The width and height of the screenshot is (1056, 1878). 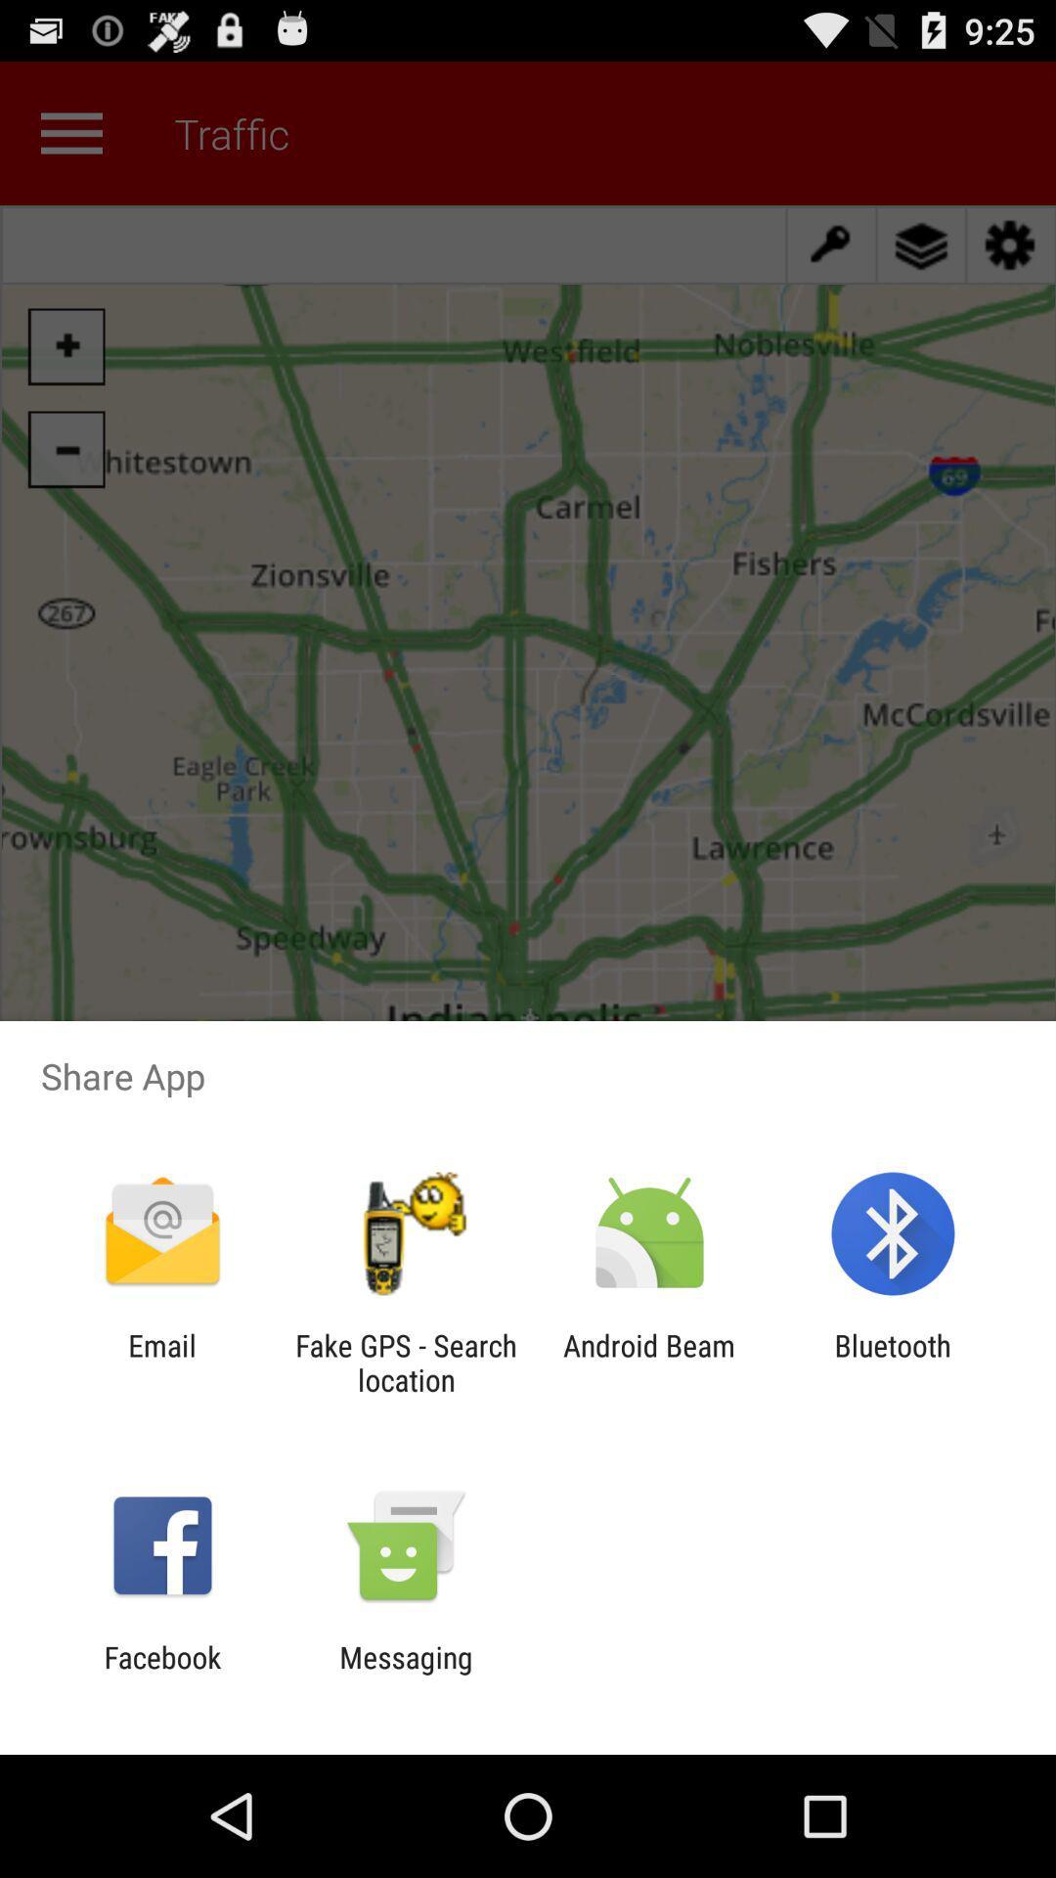 I want to click on the fake gps search icon, so click(x=405, y=1362).